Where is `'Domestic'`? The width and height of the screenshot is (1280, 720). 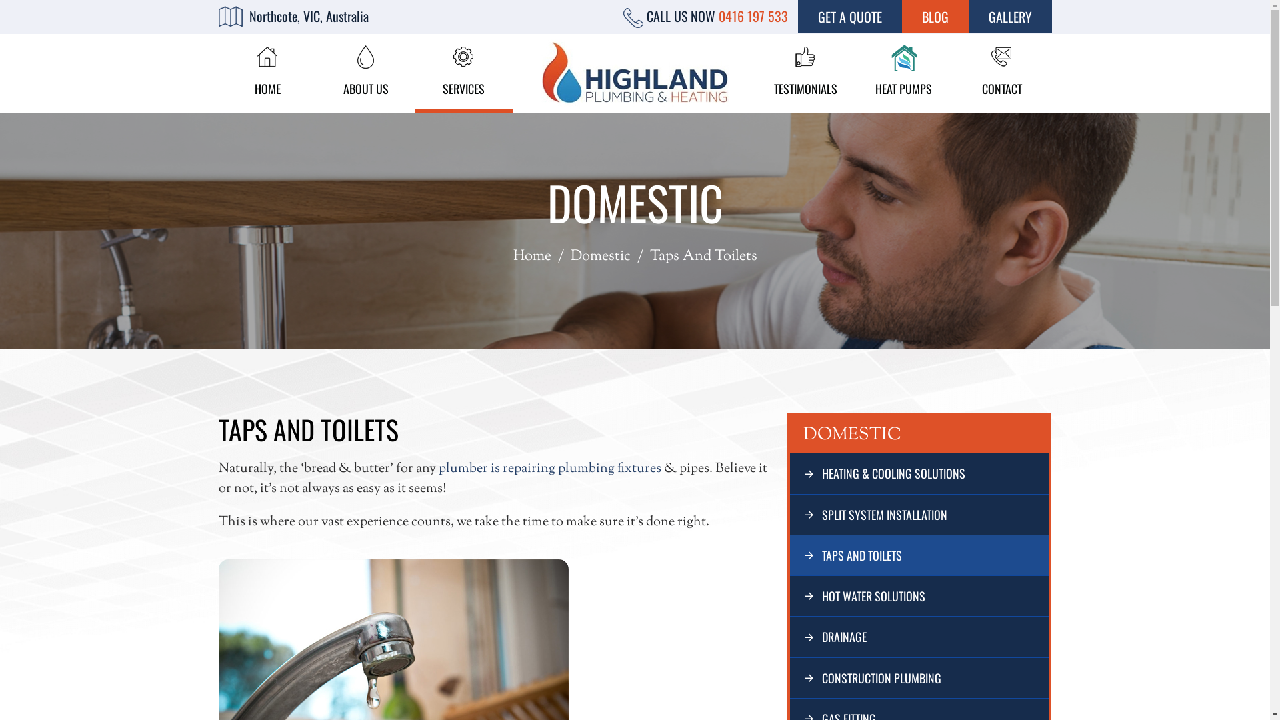
'Domestic' is located at coordinates (600, 257).